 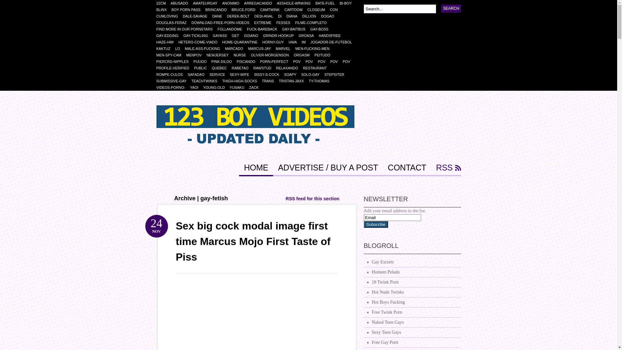 What do you see at coordinates (277, 61) in the screenshot?
I see `'PORN-PERFECT'` at bounding box center [277, 61].